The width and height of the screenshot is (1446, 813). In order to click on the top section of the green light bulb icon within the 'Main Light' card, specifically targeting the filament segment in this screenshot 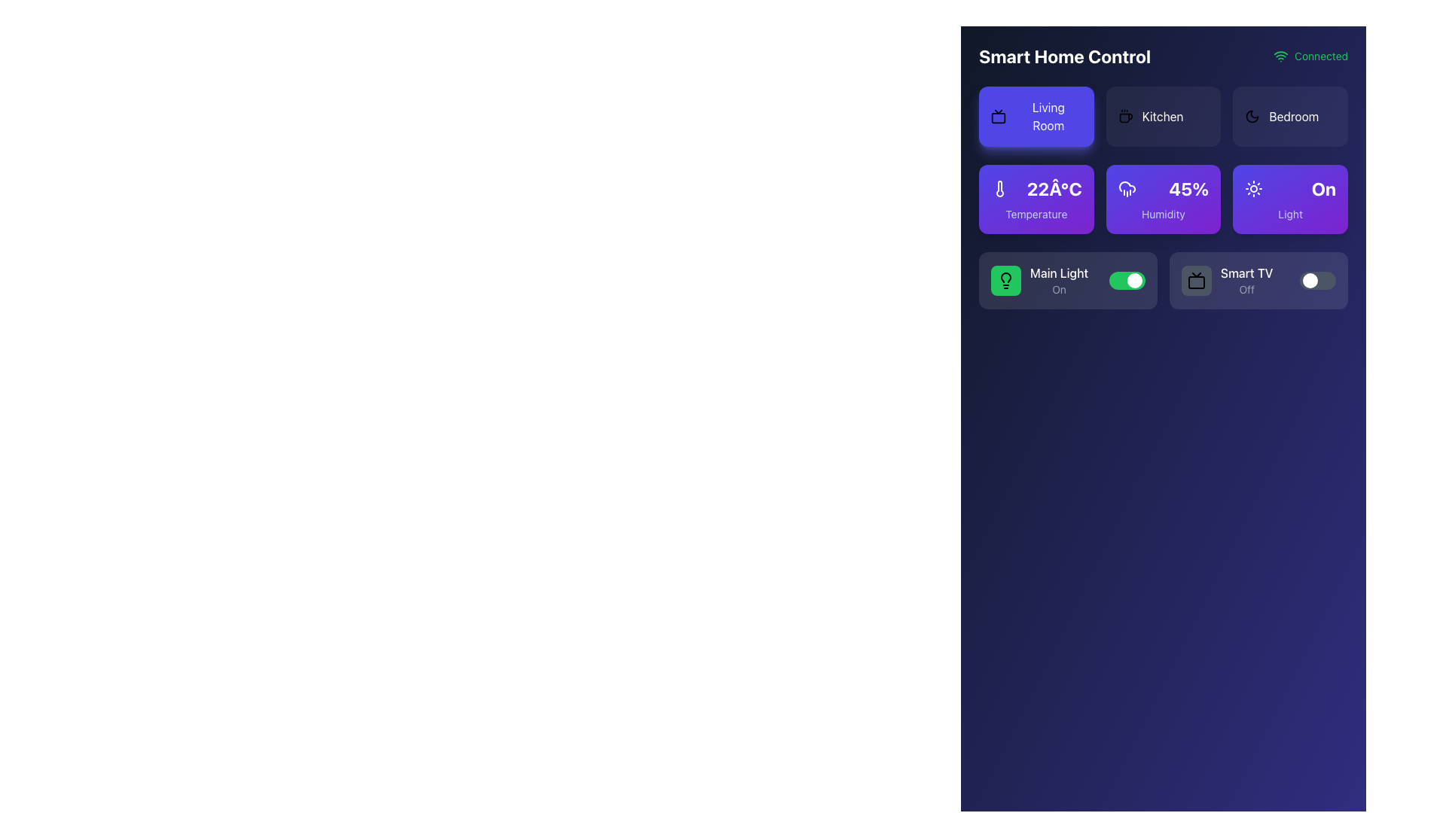, I will do `click(1005, 278)`.